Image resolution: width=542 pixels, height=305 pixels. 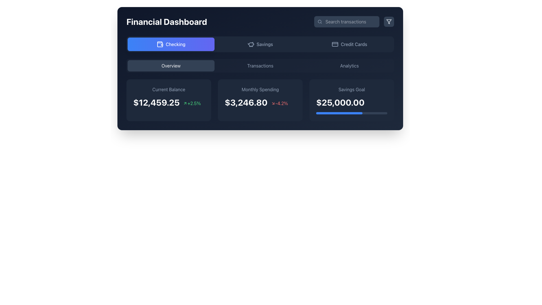 I want to click on the small, thin-lined, rightward-pointing red arrow icon located in the 'Monthly Spending' section, adjacent to the text '-4.2%', so click(x=273, y=103).